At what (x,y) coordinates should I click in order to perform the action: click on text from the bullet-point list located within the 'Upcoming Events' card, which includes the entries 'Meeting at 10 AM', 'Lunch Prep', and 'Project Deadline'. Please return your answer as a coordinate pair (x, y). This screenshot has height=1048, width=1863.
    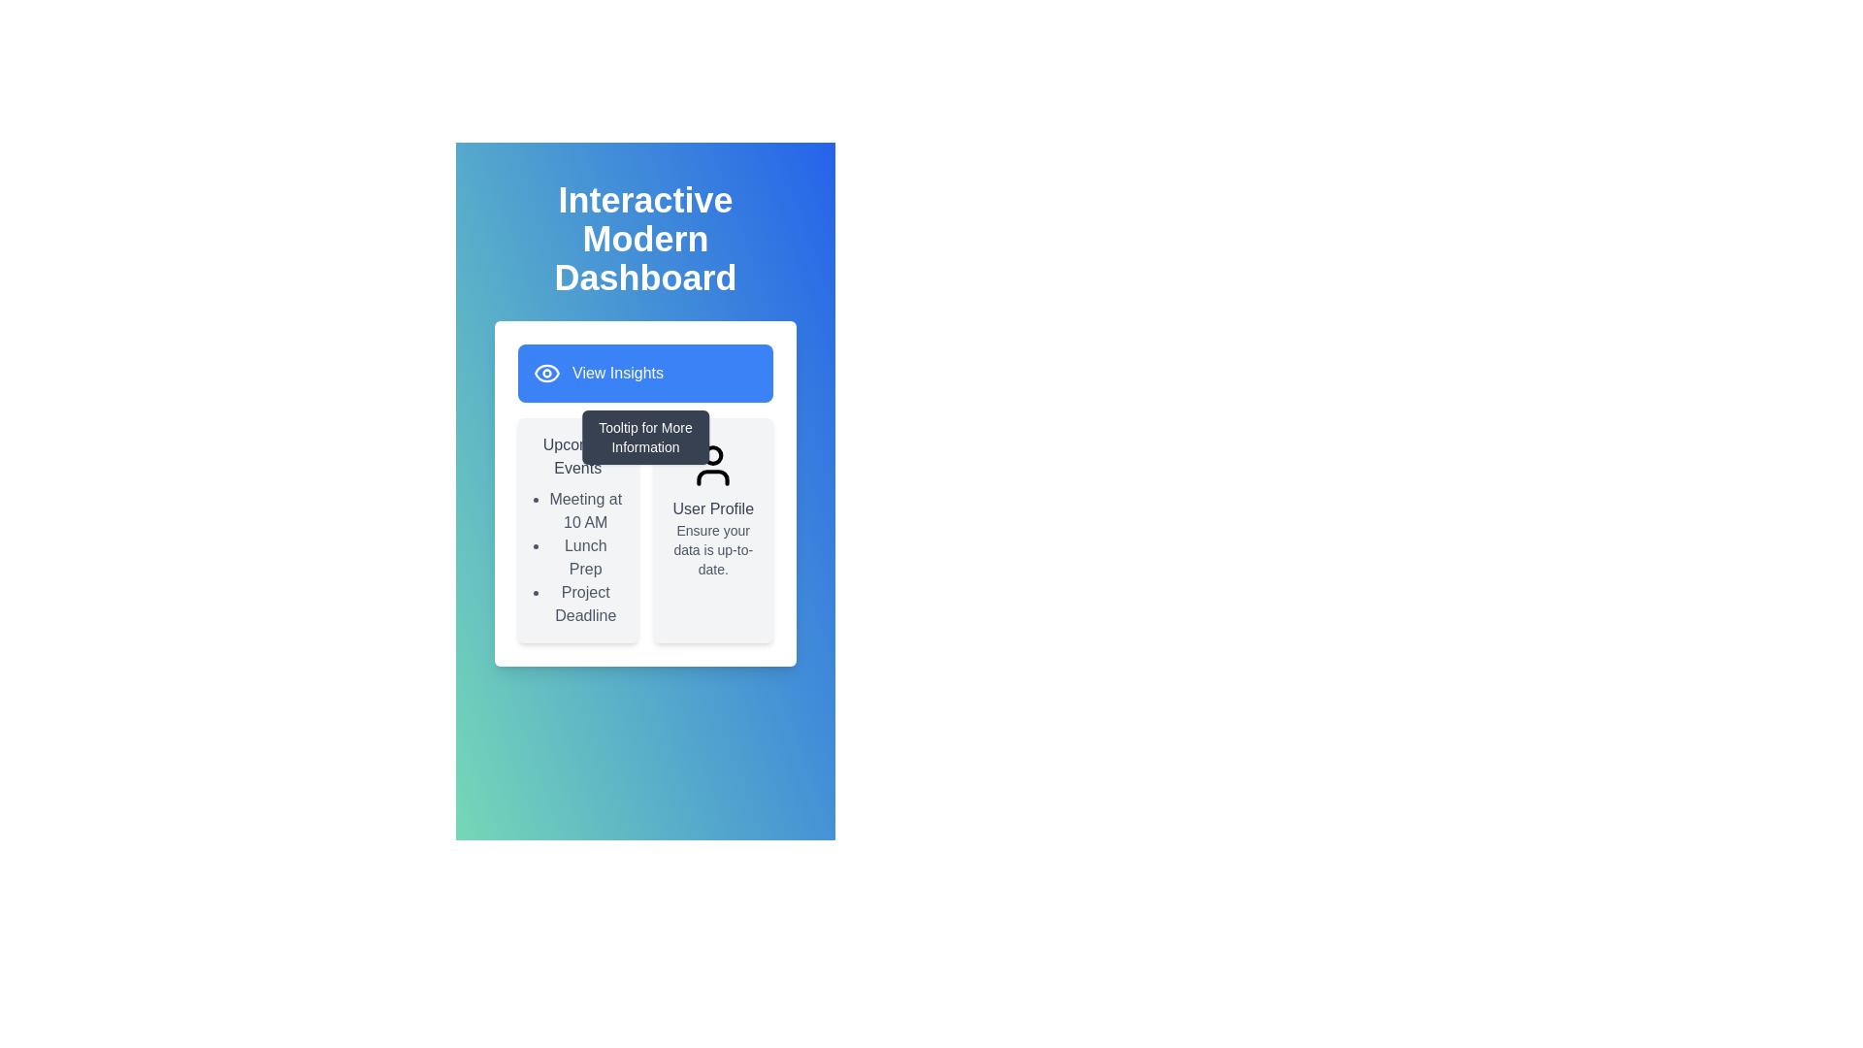
    Looking at the image, I should click on (576, 557).